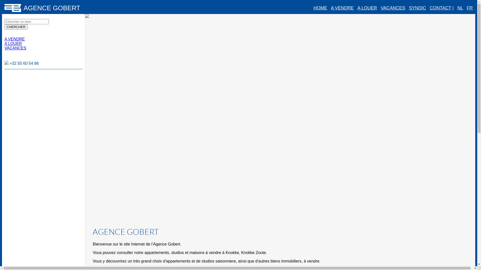 The width and height of the screenshot is (481, 270). I want to click on 'HOME', so click(313, 8).